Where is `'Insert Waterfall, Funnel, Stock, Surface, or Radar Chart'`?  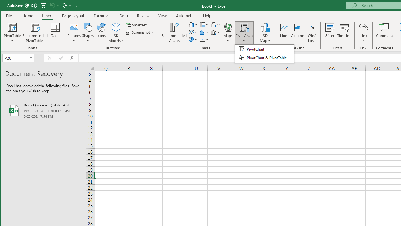 'Insert Waterfall, Funnel, Stock, Surface, or Radar Chart' is located at coordinates (216, 24).